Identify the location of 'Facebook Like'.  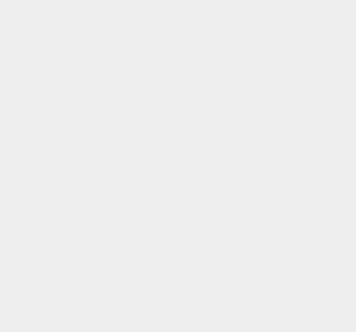
(251, 126).